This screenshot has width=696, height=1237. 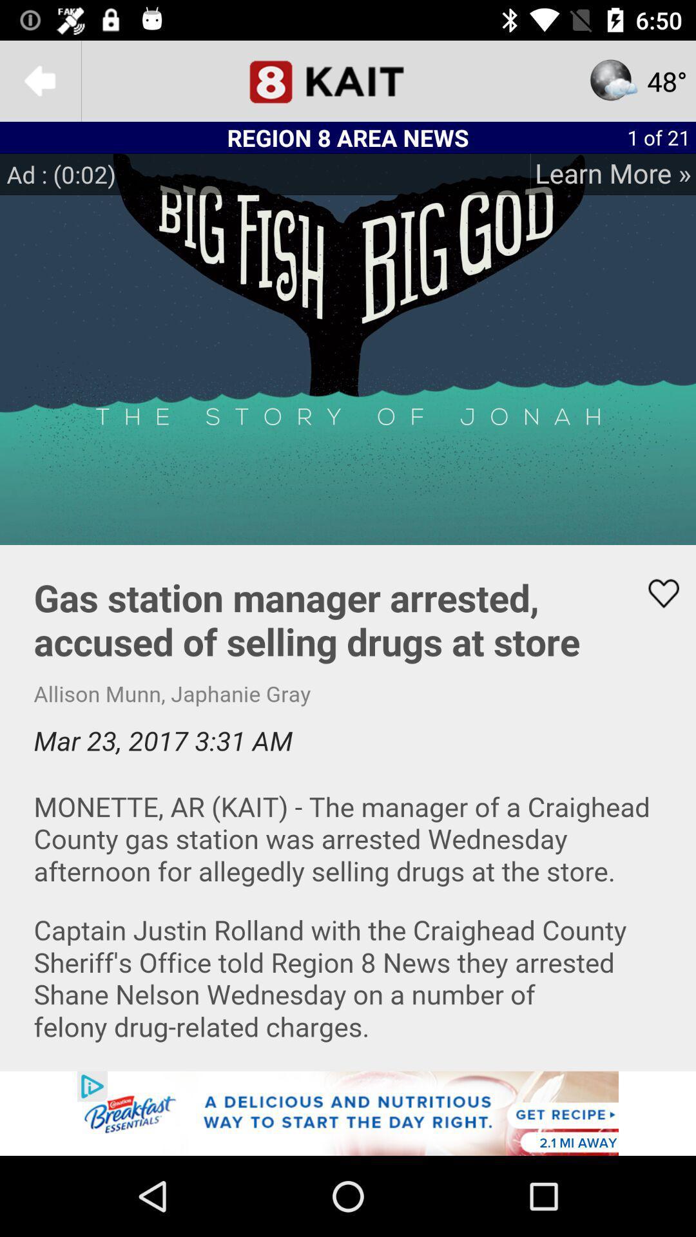 What do you see at coordinates (348, 80) in the screenshot?
I see `option` at bounding box center [348, 80].